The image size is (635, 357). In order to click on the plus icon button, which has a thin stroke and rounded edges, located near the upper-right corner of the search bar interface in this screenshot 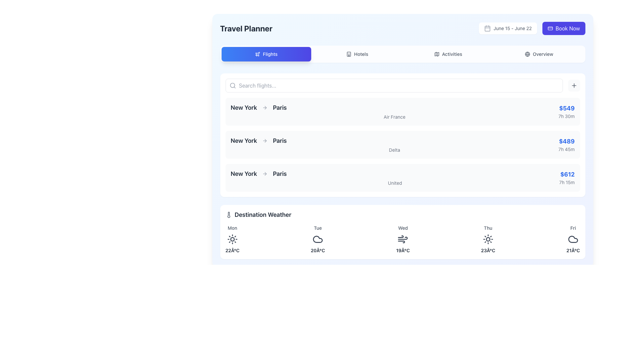, I will do `click(573, 85)`.